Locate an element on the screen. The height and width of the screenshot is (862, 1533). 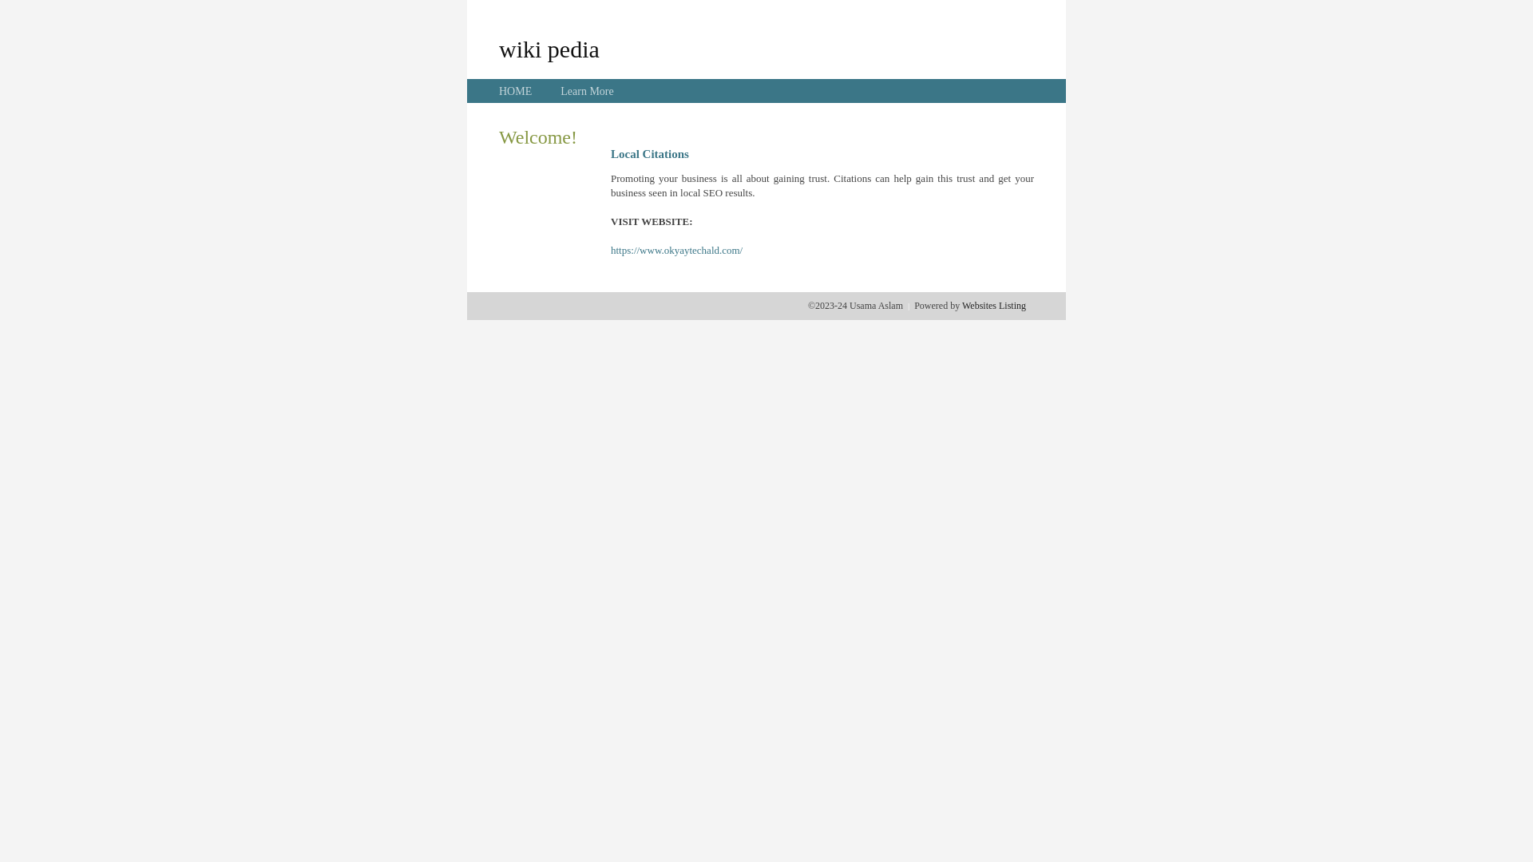
'Learn More' is located at coordinates (585, 91).